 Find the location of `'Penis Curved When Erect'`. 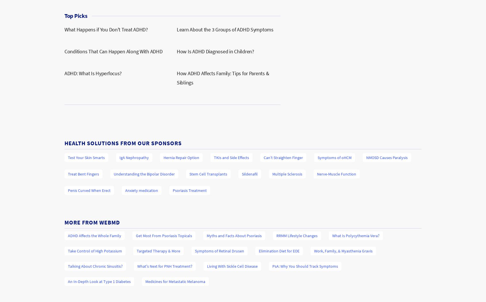

'Penis Curved When Erect' is located at coordinates (67, 190).